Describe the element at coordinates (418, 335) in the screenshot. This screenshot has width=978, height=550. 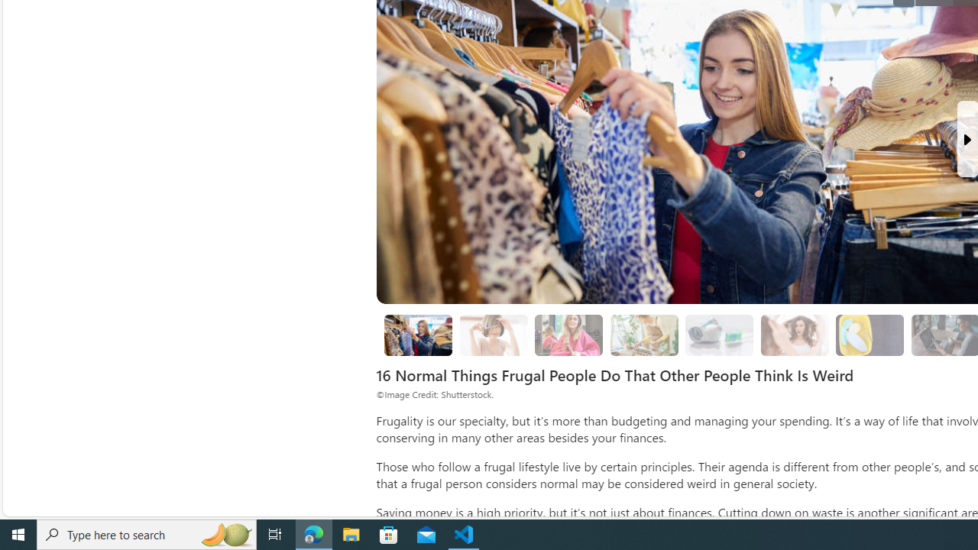
I see `'8. Thrift Shopping'` at that location.